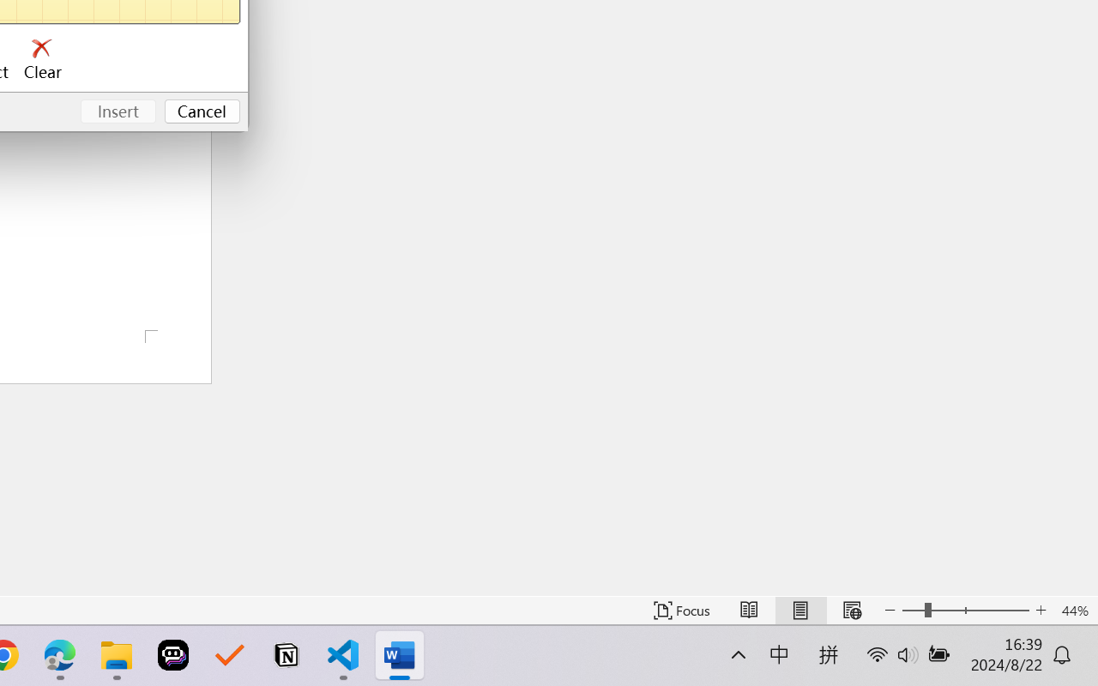  Describe the element at coordinates (287, 655) in the screenshot. I see `'Notion'` at that location.